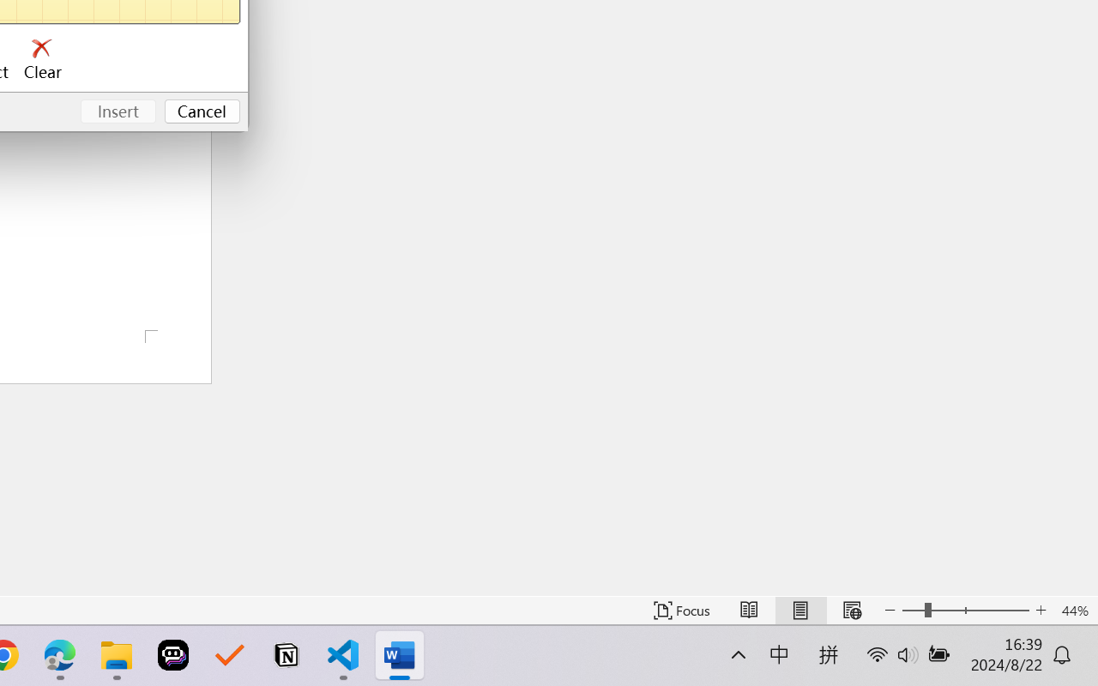  Describe the element at coordinates (287, 655) in the screenshot. I see `'Notion'` at that location.